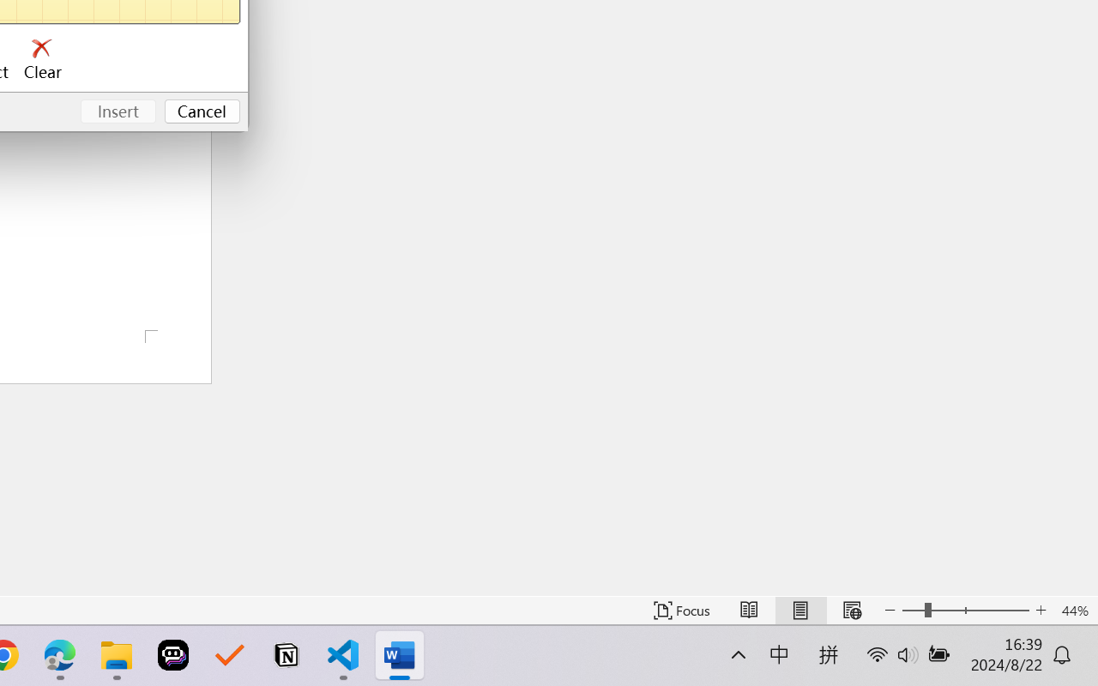  Describe the element at coordinates (287, 655) in the screenshot. I see `'Notion'` at that location.